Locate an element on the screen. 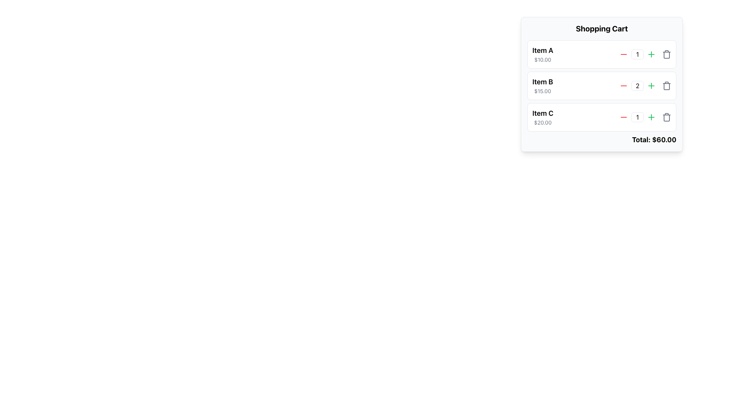  the decrement button for the first product entry in the shopping cart interface to reduce its quantity is located at coordinates (601, 54).